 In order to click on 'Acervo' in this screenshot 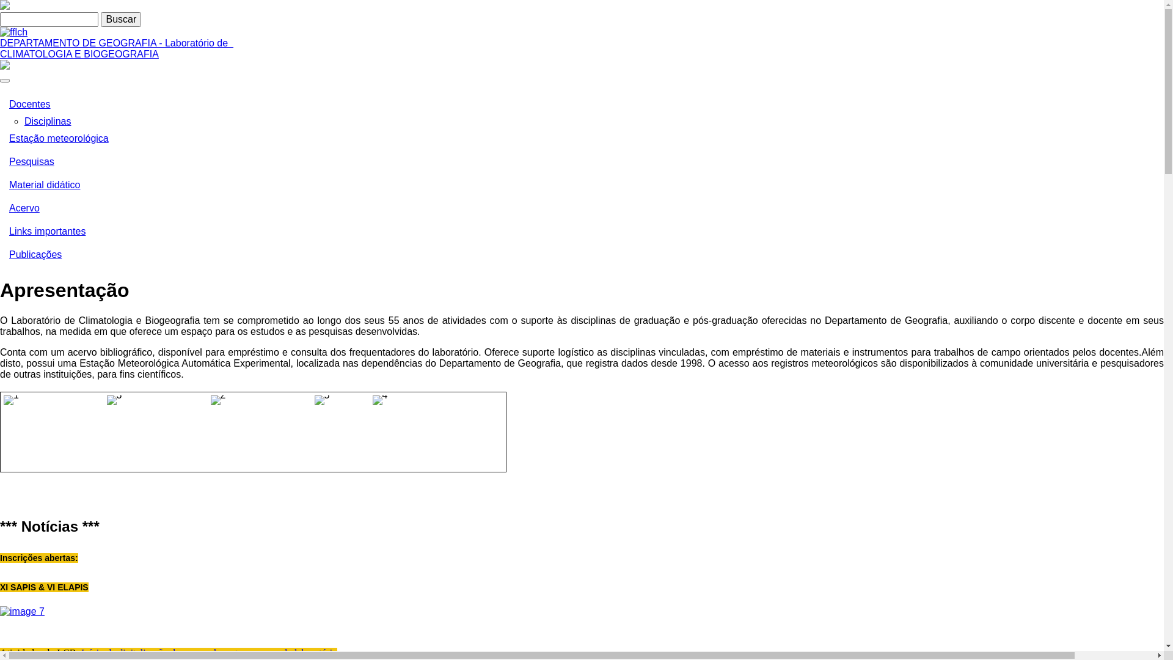, I will do `click(0, 207)`.